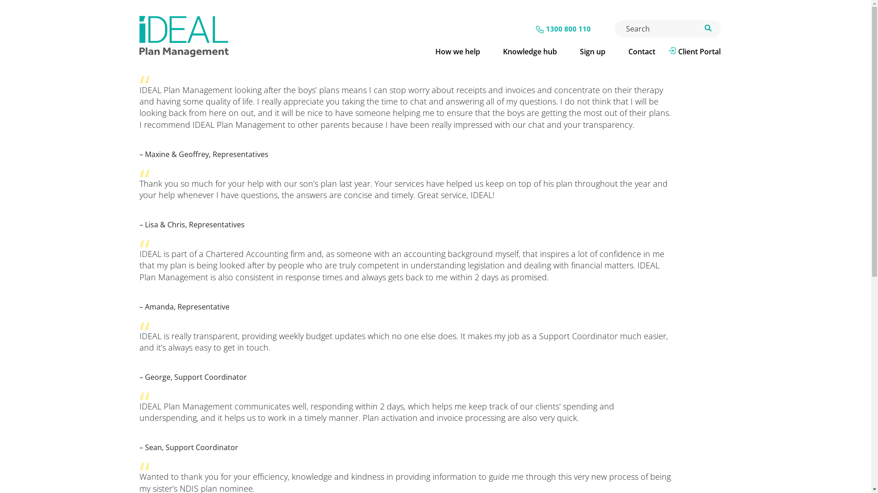 This screenshot has height=493, width=878. What do you see at coordinates (568, 28) in the screenshot?
I see `'1300 800 110'` at bounding box center [568, 28].